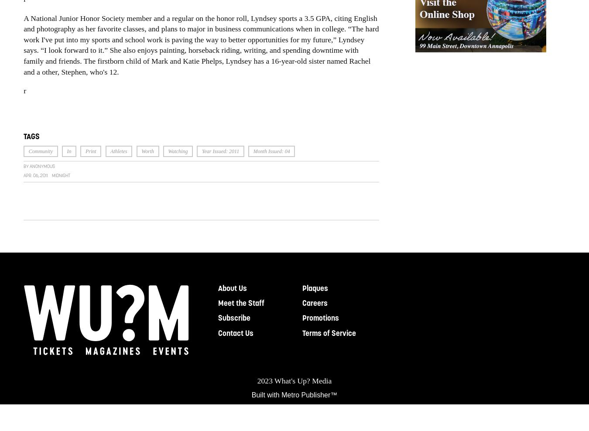 The height and width of the screenshot is (431, 589). Describe the element at coordinates (328, 332) in the screenshot. I see `'Terms of Service'` at that location.